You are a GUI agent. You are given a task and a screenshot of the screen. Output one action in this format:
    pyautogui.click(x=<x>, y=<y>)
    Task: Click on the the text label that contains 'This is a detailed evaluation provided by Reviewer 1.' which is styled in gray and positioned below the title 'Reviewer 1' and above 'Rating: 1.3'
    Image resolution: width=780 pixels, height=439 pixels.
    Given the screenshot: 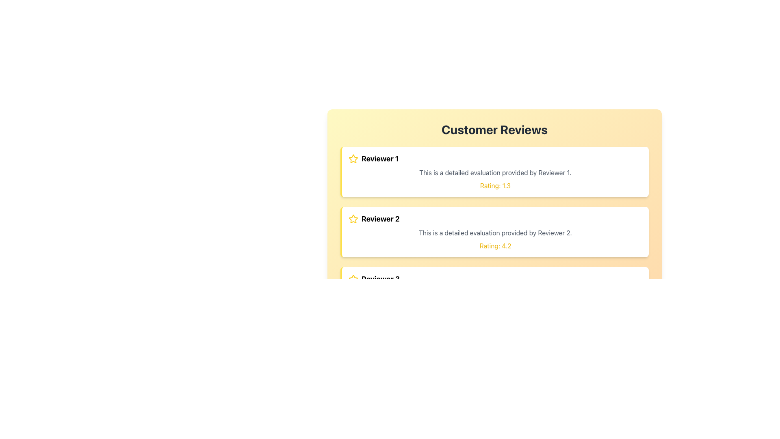 What is the action you would take?
    pyautogui.click(x=495, y=172)
    